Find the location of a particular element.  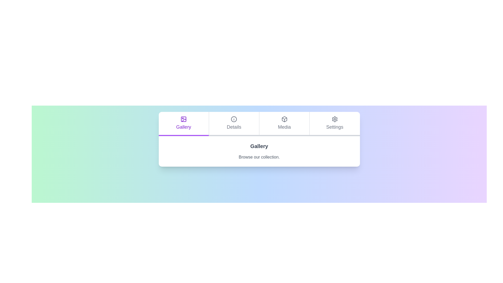

the Media tab by clicking on its label or icon is located at coordinates (284, 124).